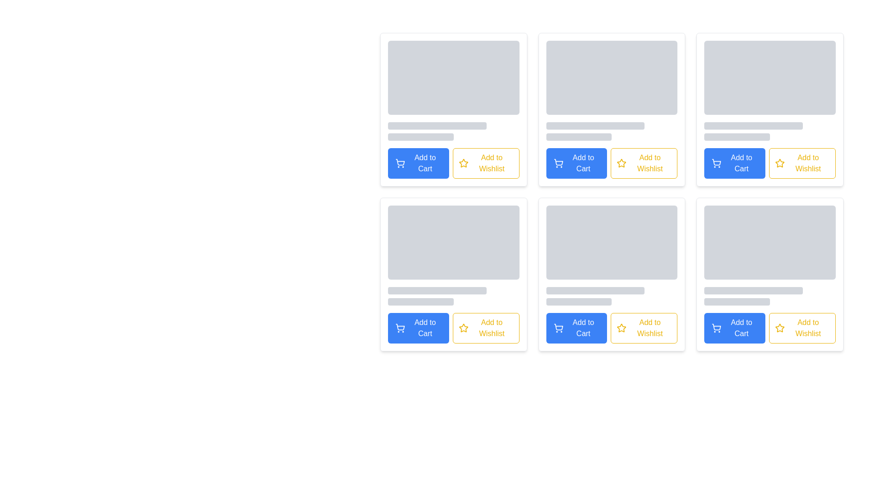 The image size is (889, 500). Describe the element at coordinates (801, 328) in the screenshot. I see `the 'Add to Wishlist' button` at that location.